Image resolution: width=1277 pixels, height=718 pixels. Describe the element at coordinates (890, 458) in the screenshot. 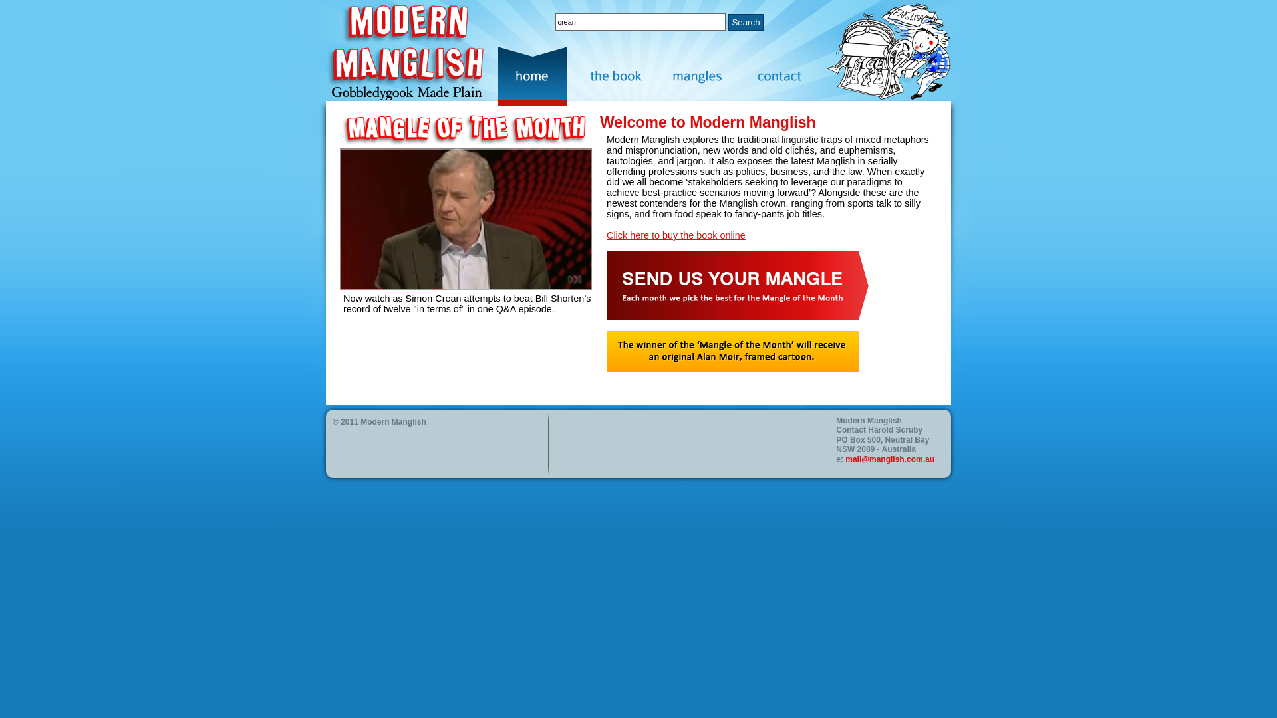

I see `'mail@manglish.com.au'` at that location.